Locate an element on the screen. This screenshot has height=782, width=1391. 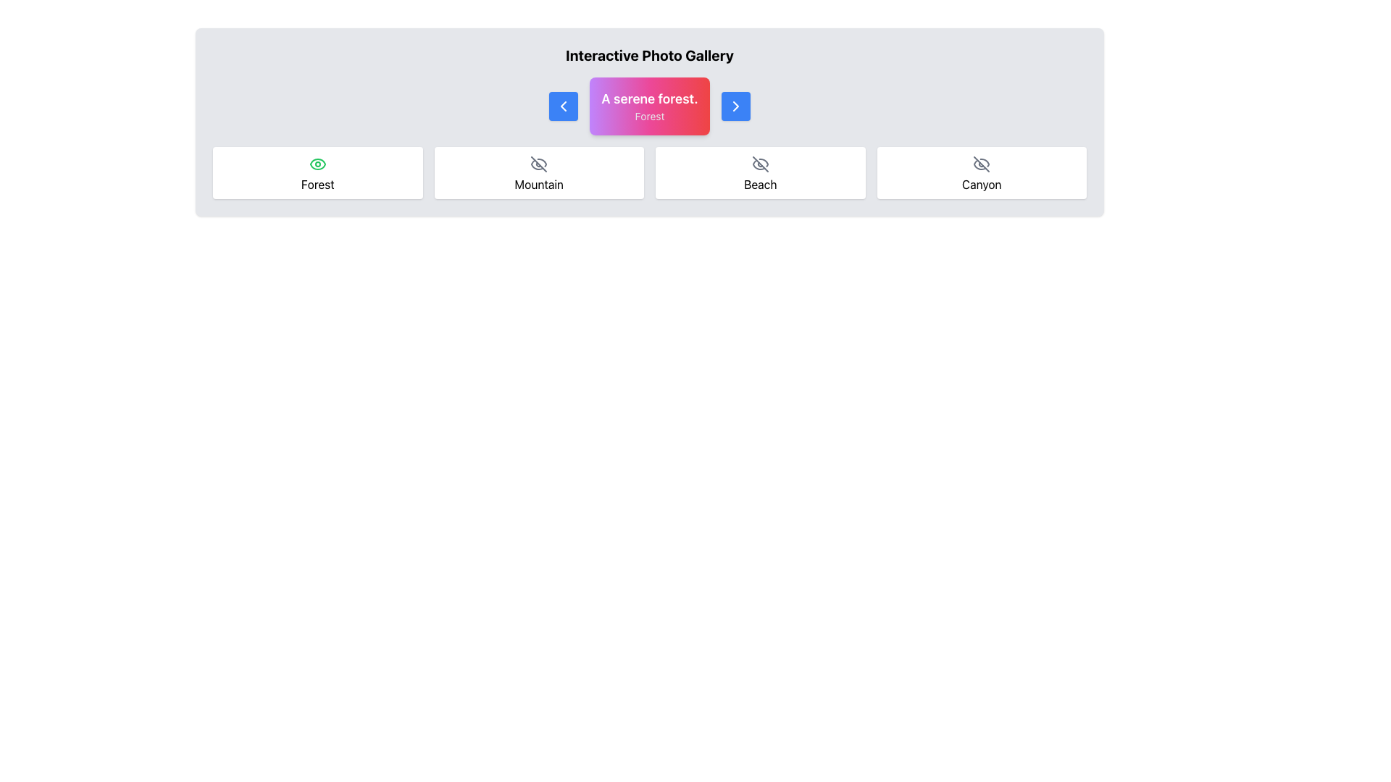
the eye with a strikethrough icon representing 'hidden' or 'invisible' content labeled 'Mountain' by clicking on it is located at coordinates (537, 164).